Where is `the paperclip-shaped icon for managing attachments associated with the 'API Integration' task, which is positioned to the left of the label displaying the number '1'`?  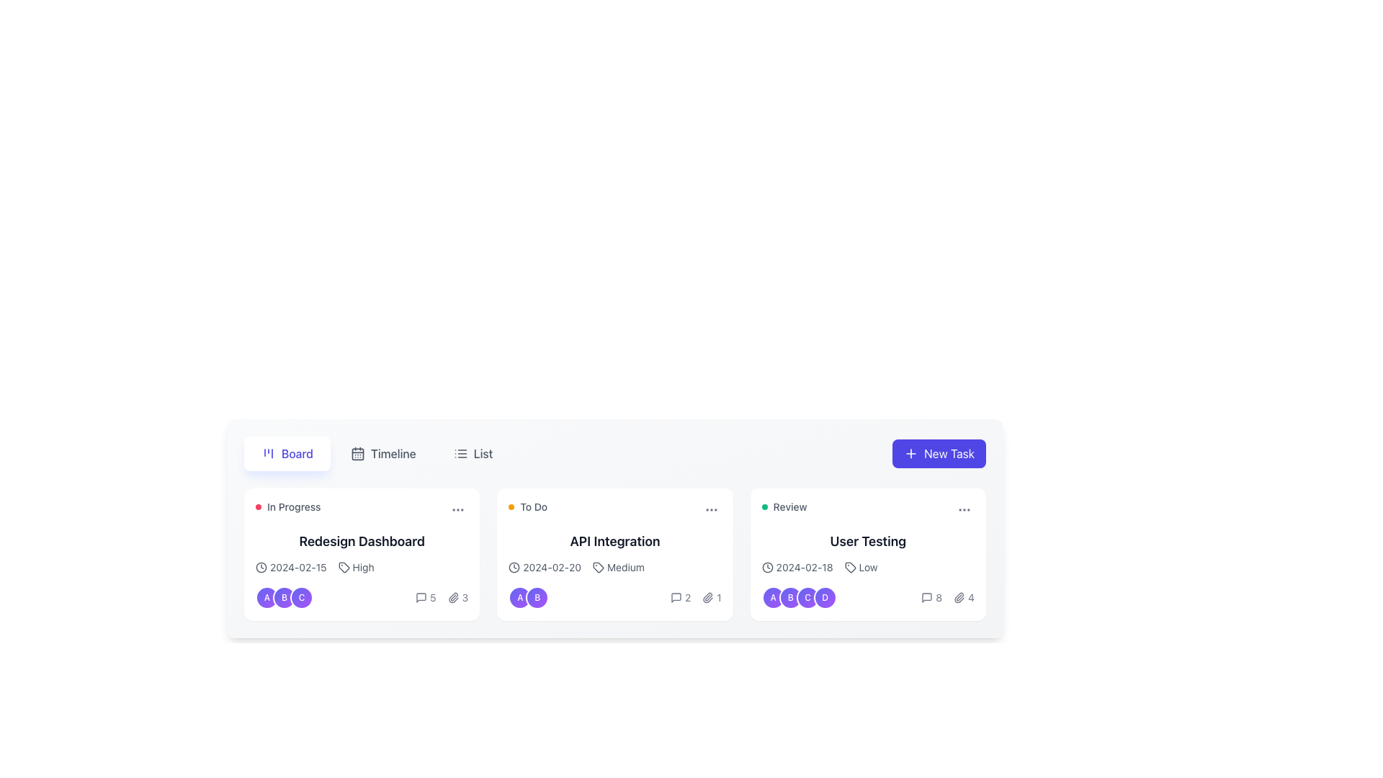
the paperclip-shaped icon for managing attachments associated with the 'API Integration' task, which is positioned to the left of the label displaying the number '1' is located at coordinates (708, 597).